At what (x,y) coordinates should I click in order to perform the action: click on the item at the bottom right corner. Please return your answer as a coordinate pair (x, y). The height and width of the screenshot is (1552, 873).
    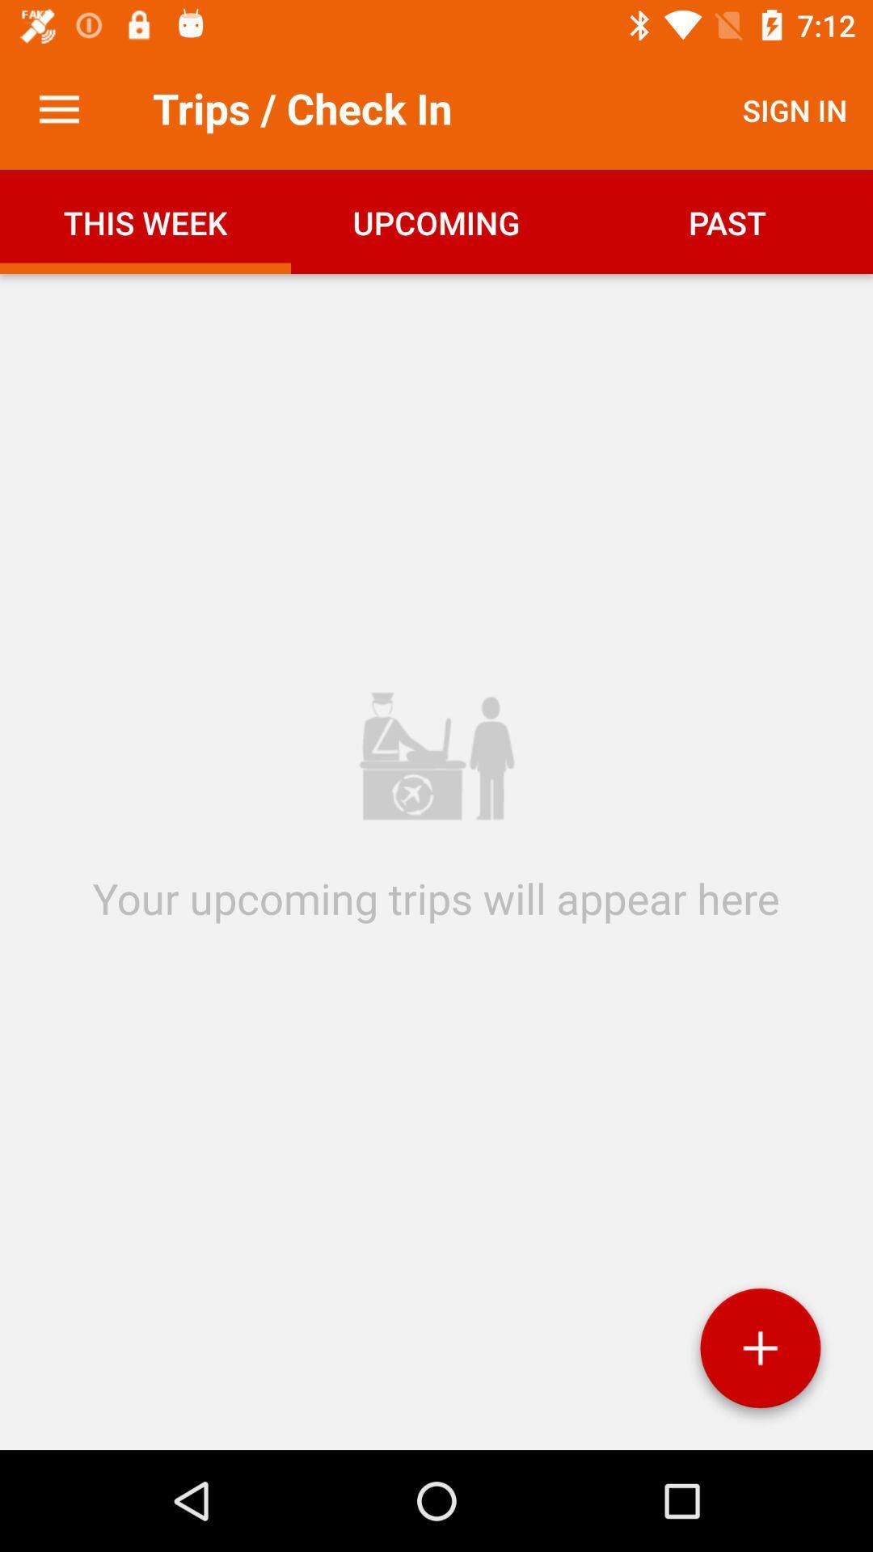
    Looking at the image, I should click on (760, 1354).